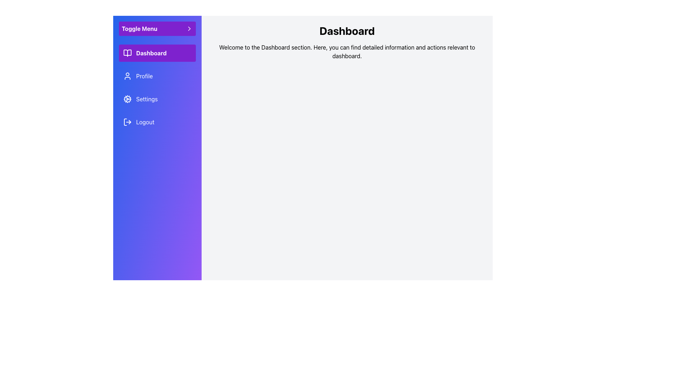  What do you see at coordinates (157, 121) in the screenshot?
I see `the logout button located at the bottom of the side menu panel, which is aligned to the left under 'Settings', to log out of the account` at bounding box center [157, 121].